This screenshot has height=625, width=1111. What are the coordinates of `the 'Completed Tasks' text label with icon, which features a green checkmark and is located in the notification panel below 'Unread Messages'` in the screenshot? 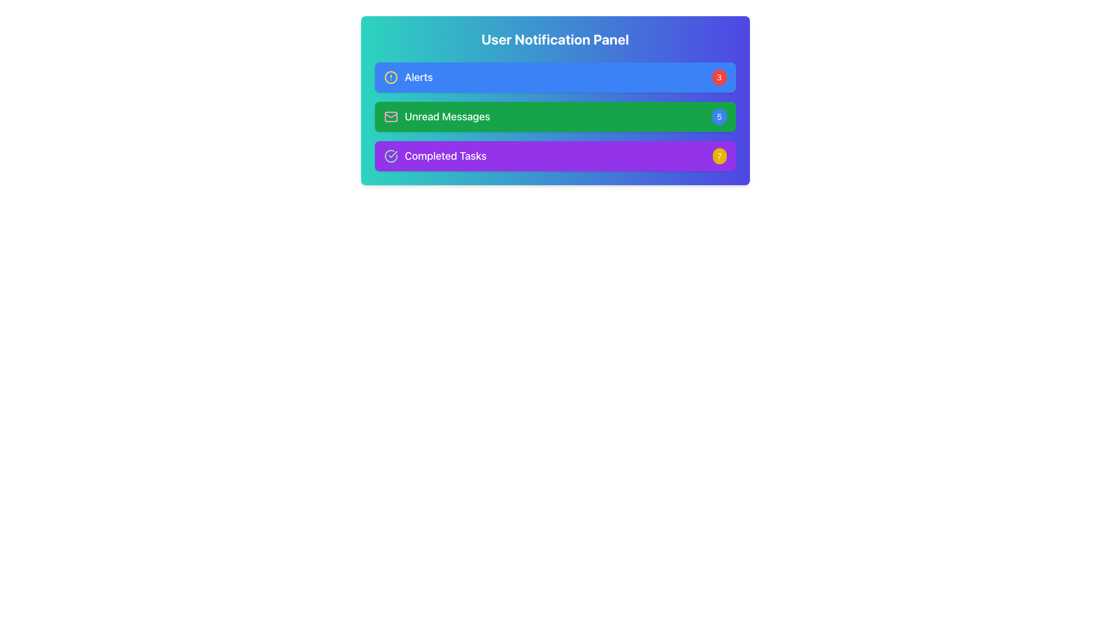 It's located at (435, 156).